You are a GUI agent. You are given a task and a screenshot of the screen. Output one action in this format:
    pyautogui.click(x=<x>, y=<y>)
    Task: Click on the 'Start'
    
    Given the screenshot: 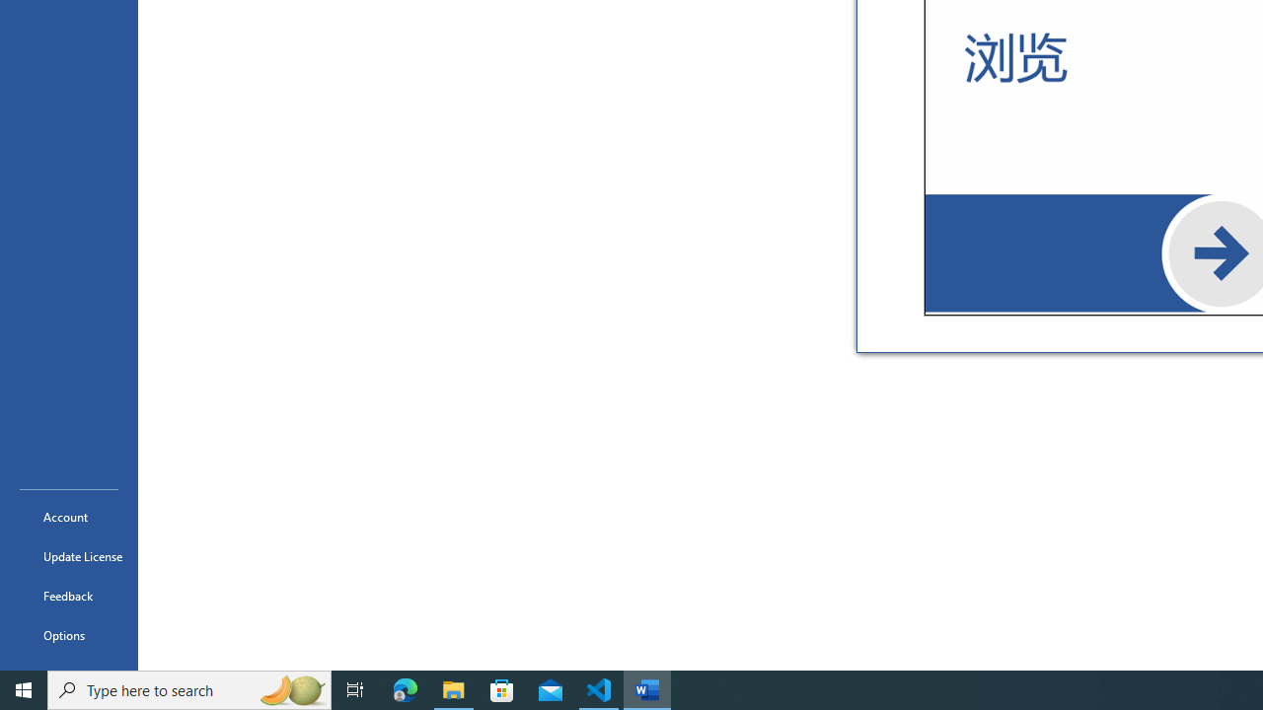 What is the action you would take?
    pyautogui.click(x=24, y=688)
    